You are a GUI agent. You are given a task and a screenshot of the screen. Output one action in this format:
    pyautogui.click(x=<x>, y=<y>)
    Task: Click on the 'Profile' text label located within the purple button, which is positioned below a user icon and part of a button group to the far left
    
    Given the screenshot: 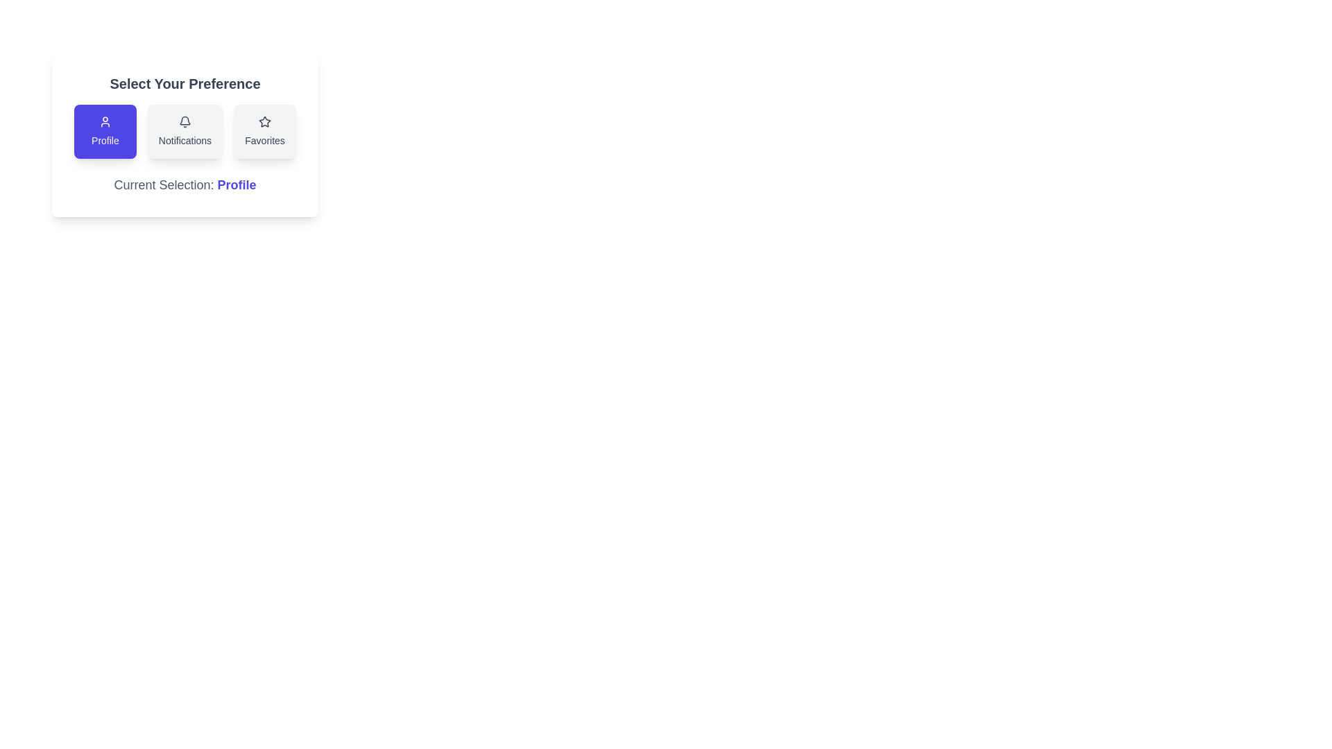 What is the action you would take?
    pyautogui.click(x=104, y=141)
    